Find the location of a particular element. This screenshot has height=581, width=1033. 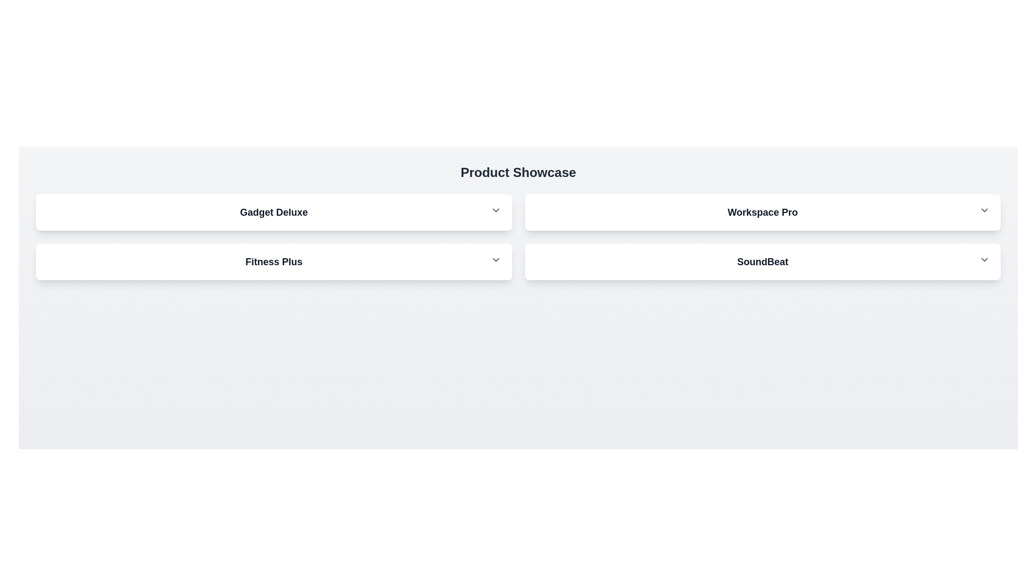

the Text Label that identifies the feature as 'Workspace Pro', located in the top-right quadrant of the layout grid is located at coordinates (762, 212).